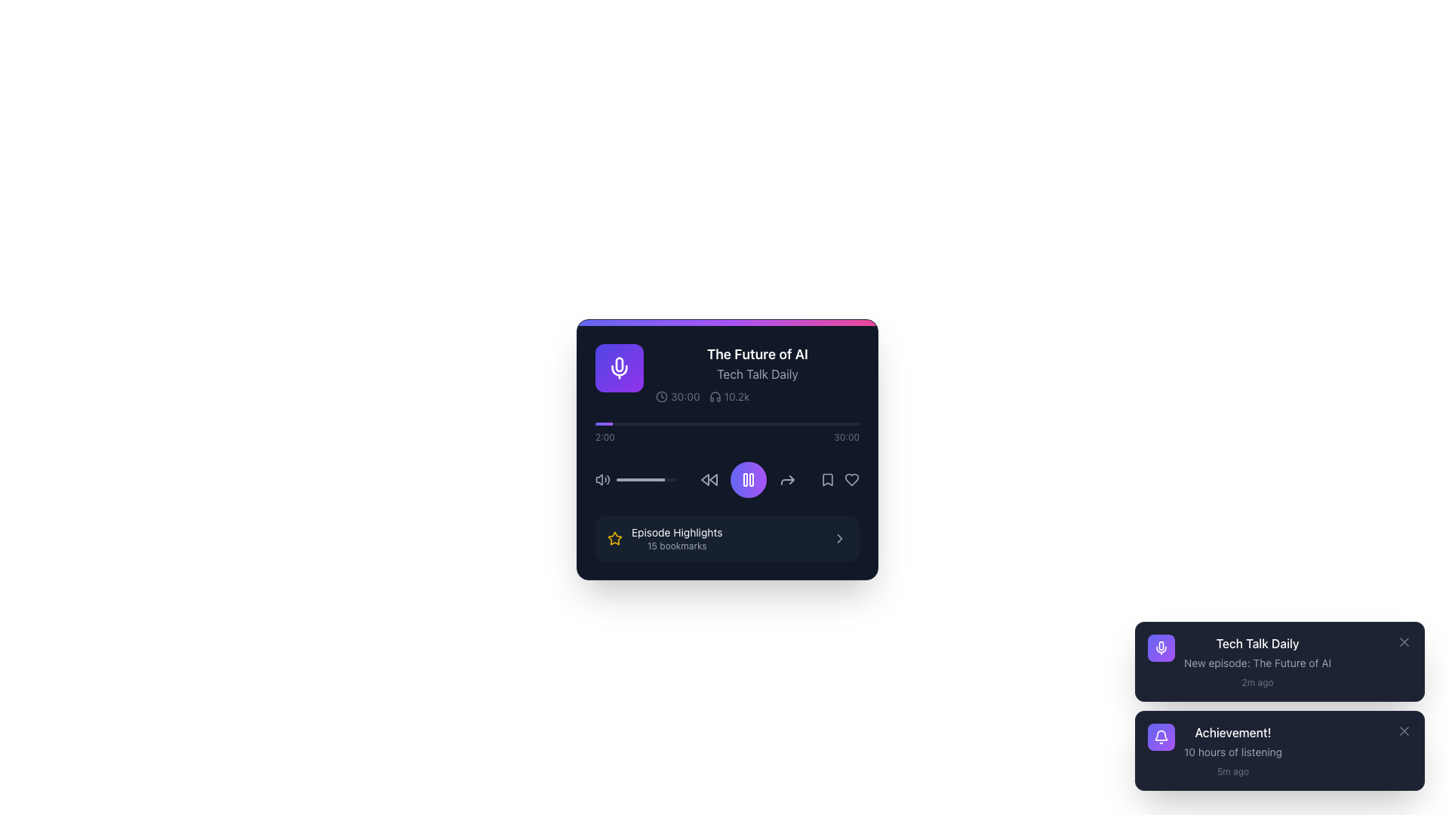 The width and height of the screenshot is (1449, 815). Describe the element at coordinates (617, 480) in the screenshot. I see `the volume` at that location.